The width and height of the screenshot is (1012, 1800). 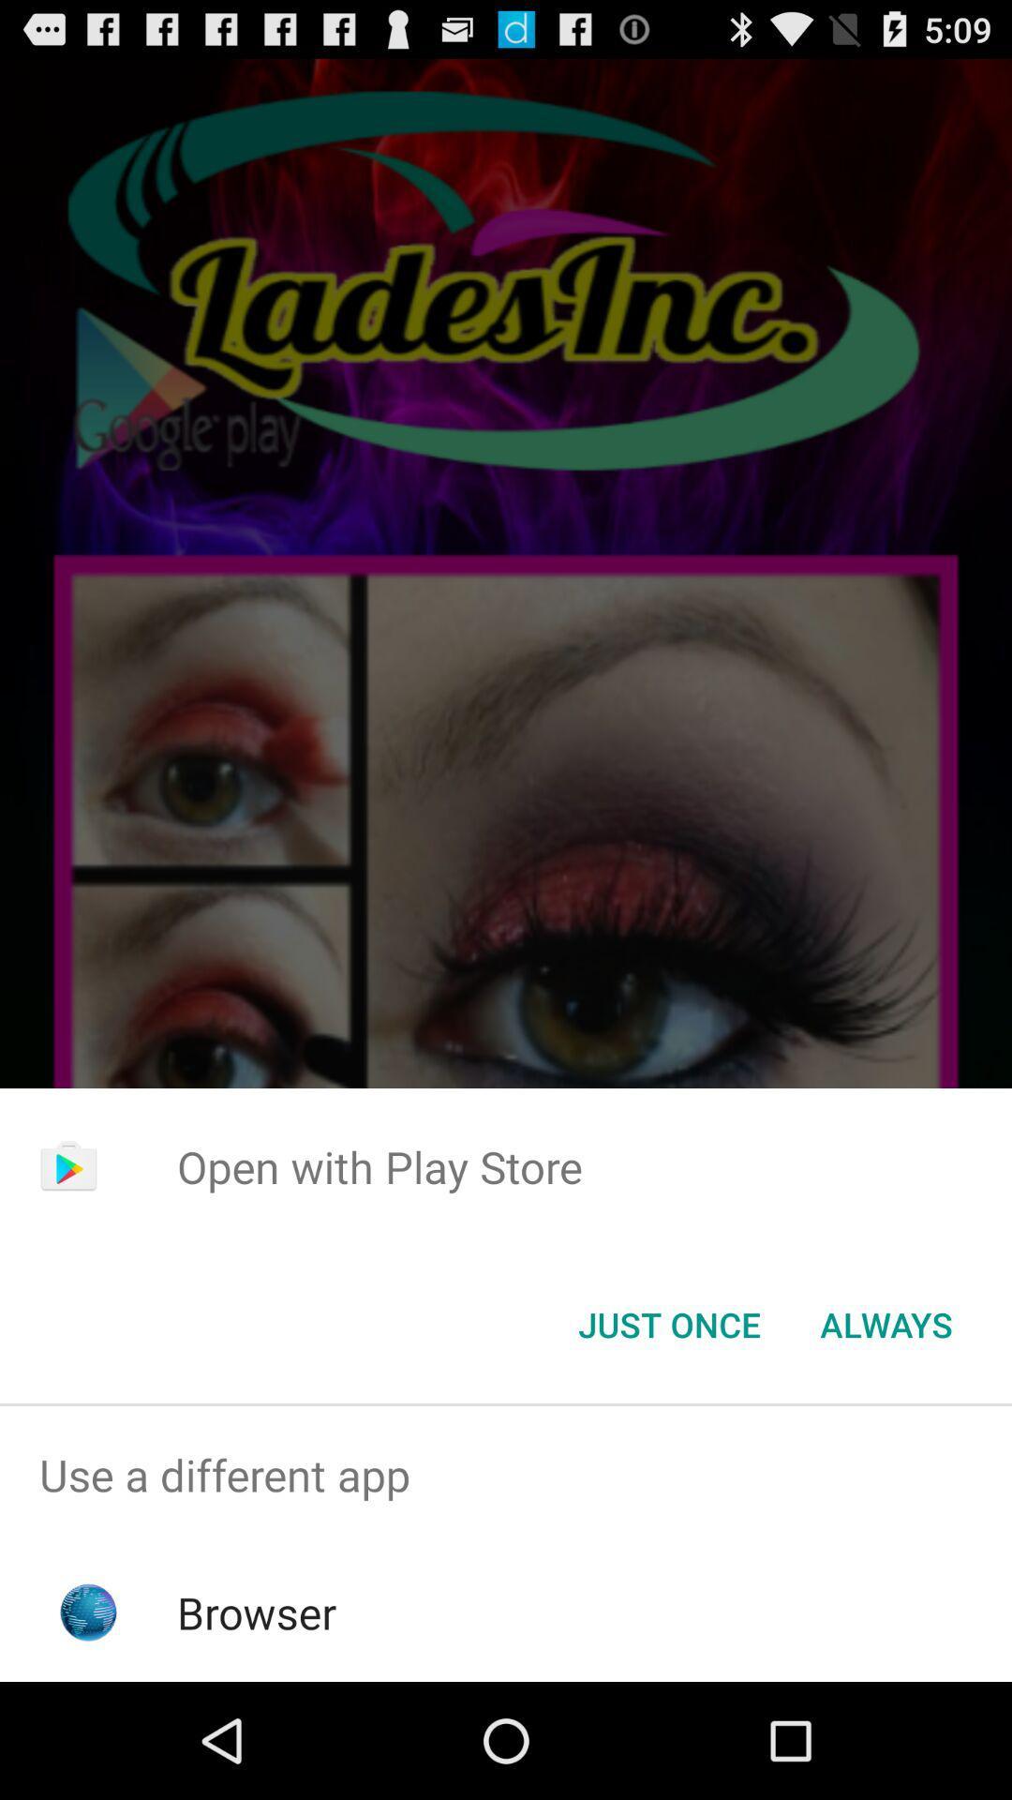 What do you see at coordinates (885, 1323) in the screenshot?
I see `always item` at bounding box center [885, 1323].